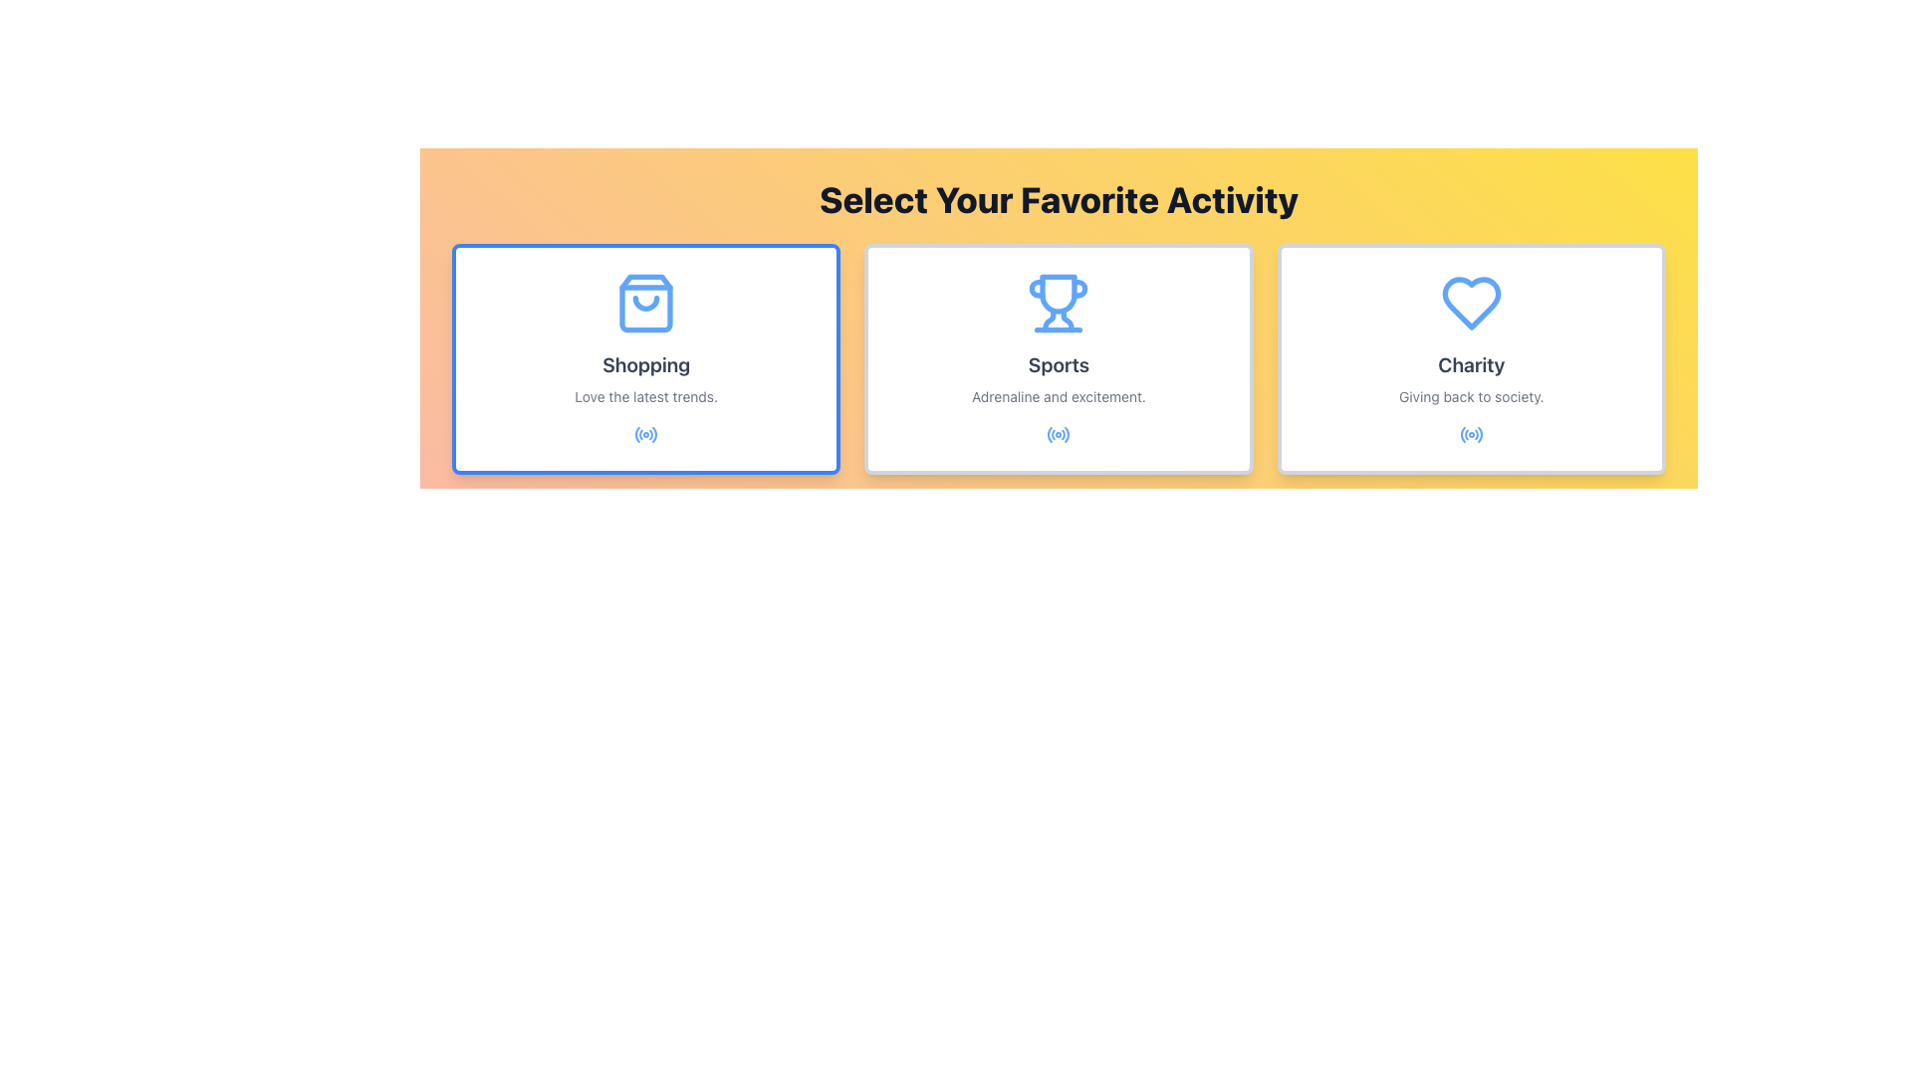 The image size is (1912, 1075). I want to click on the blue curved line forming an arc, which is part of the graphic representation below the 'Sports' card in the center of the interface, so click(1067, 433).